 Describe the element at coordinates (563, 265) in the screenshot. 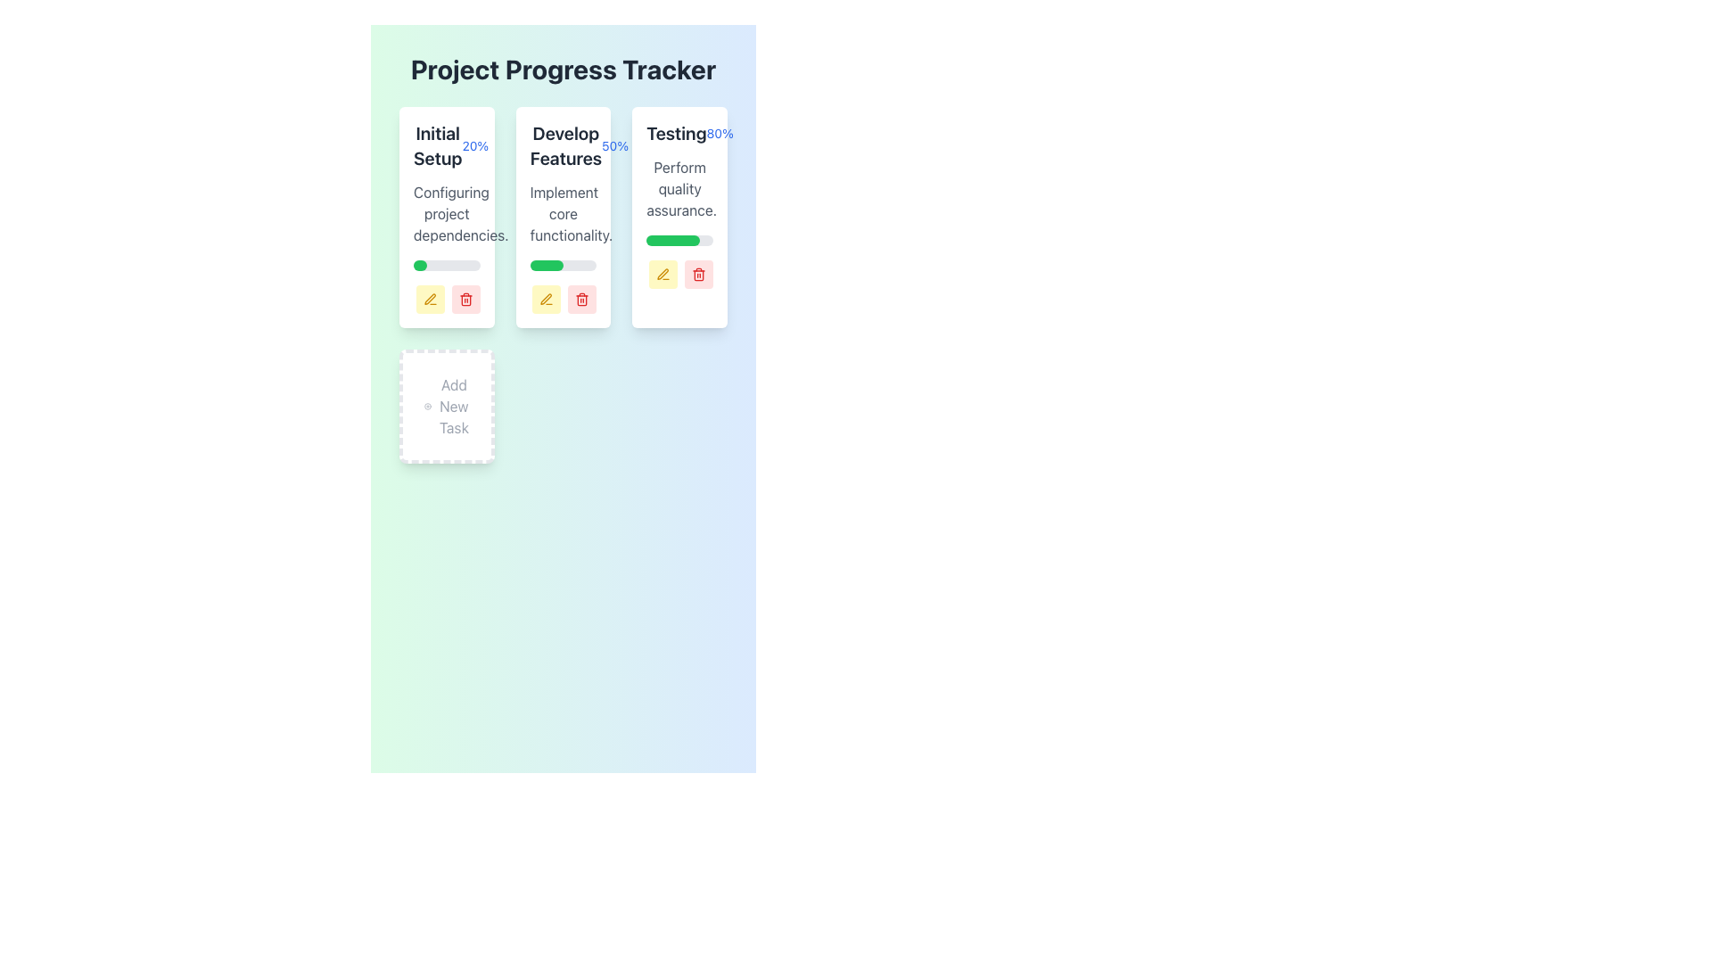

I see `the progress bar located at the bottom of the 'Develop Features' card, which visually represents the completion percentage of a task` at that location.